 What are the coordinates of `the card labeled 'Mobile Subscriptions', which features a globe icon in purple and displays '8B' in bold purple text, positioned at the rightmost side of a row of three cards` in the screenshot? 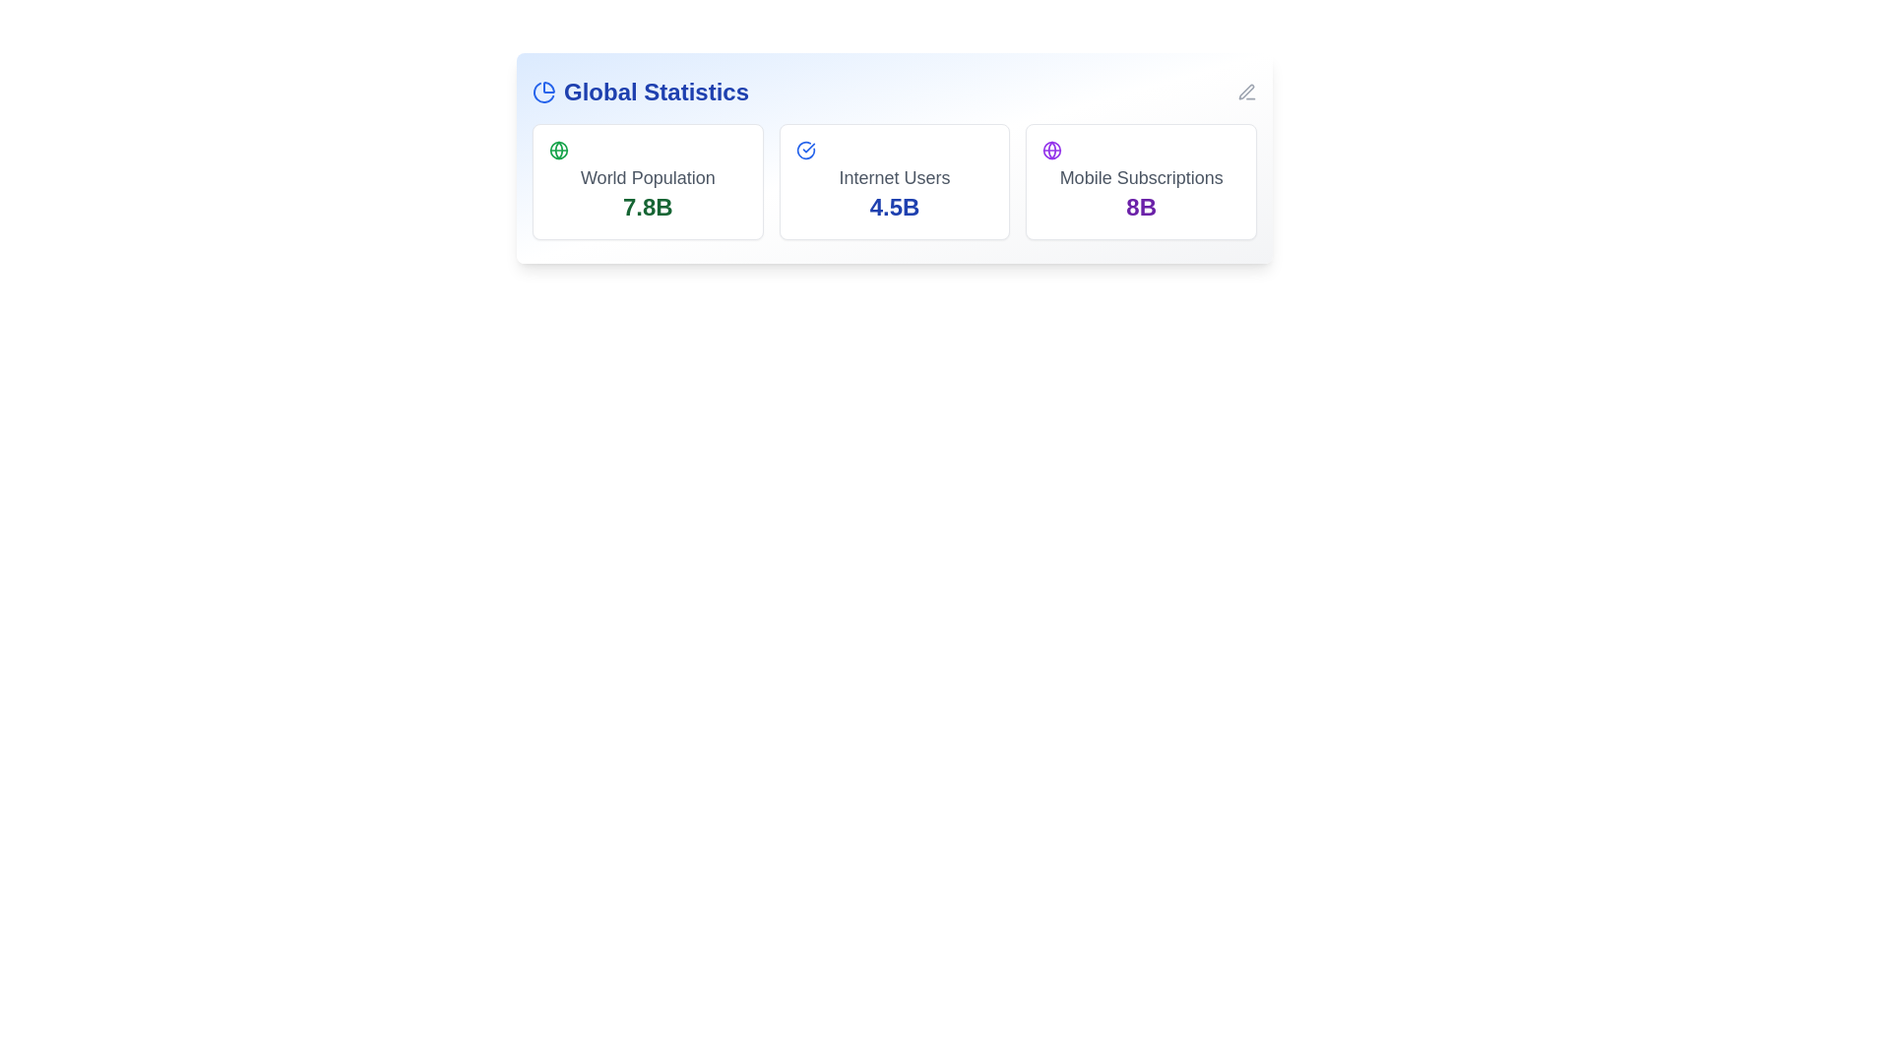 It's located at (1141, 182).